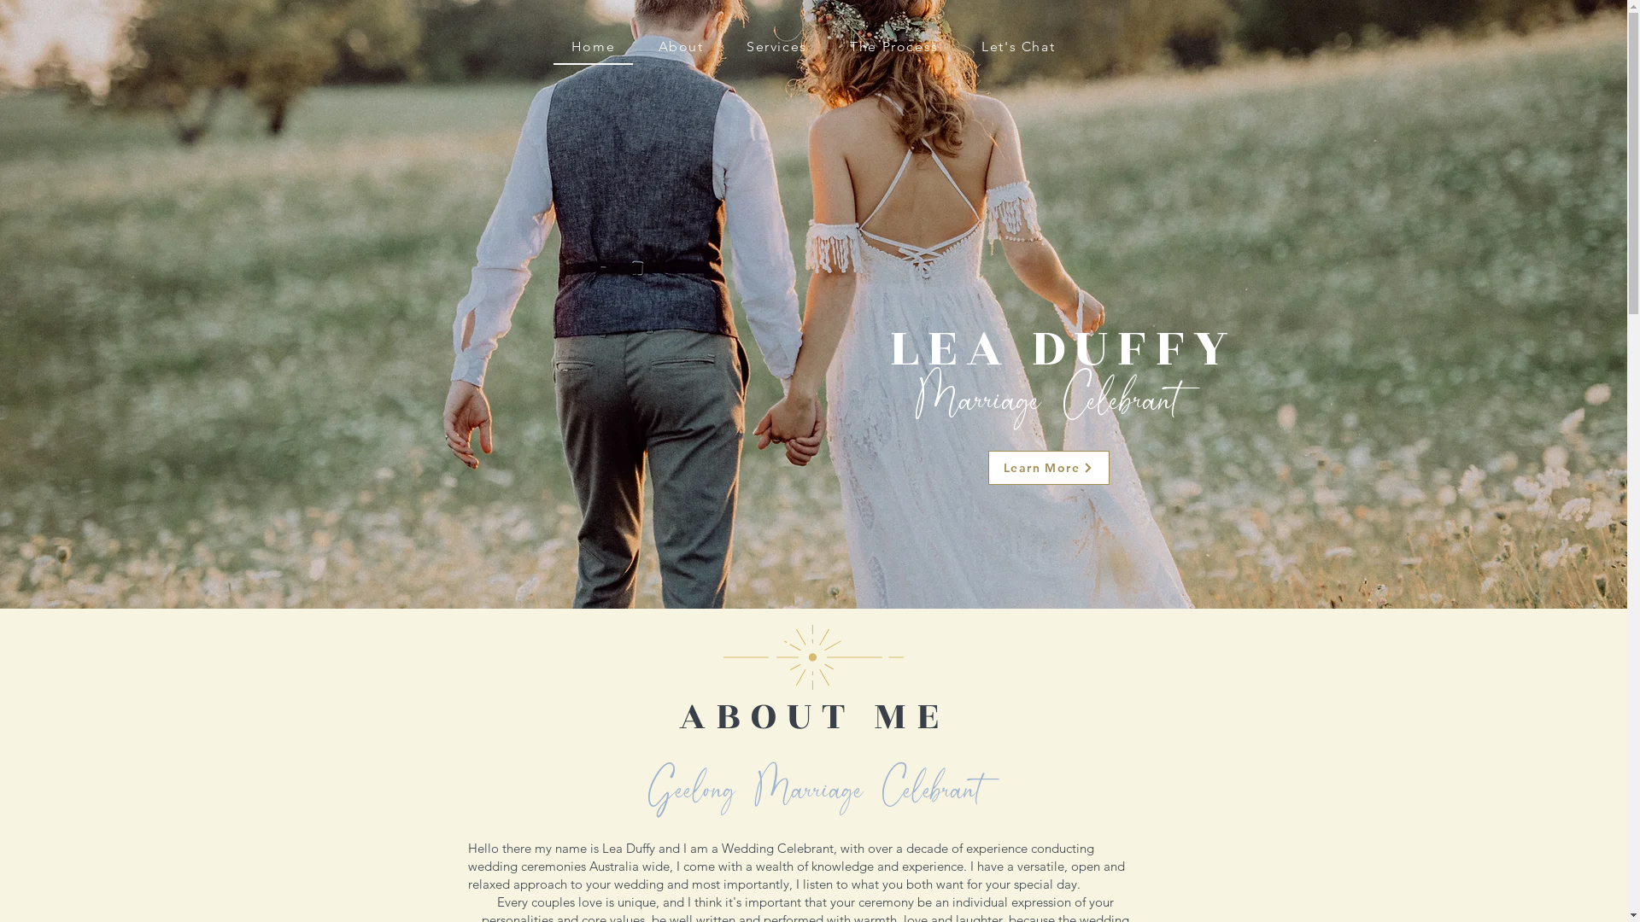 This screenshot has height=922, width=1640. Describe the element at coordinates (594, 46) in the screenshot. I see `'Home'` at that location.